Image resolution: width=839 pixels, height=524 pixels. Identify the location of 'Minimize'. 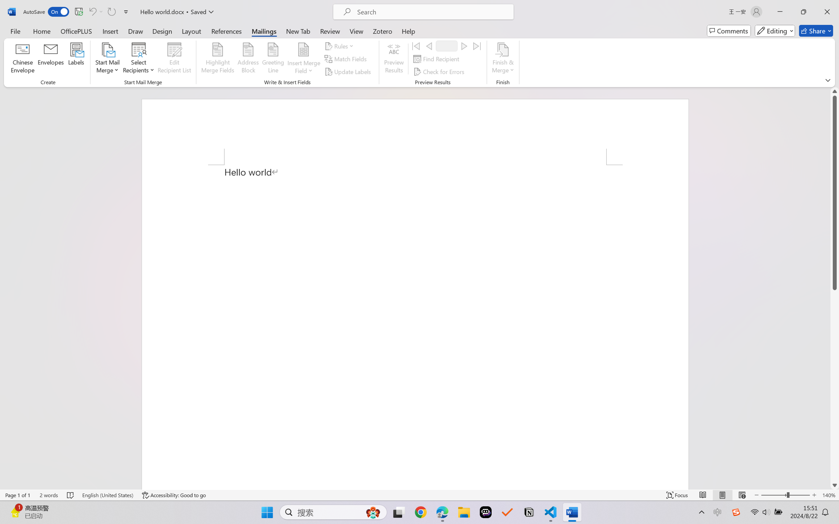
(780, 11).